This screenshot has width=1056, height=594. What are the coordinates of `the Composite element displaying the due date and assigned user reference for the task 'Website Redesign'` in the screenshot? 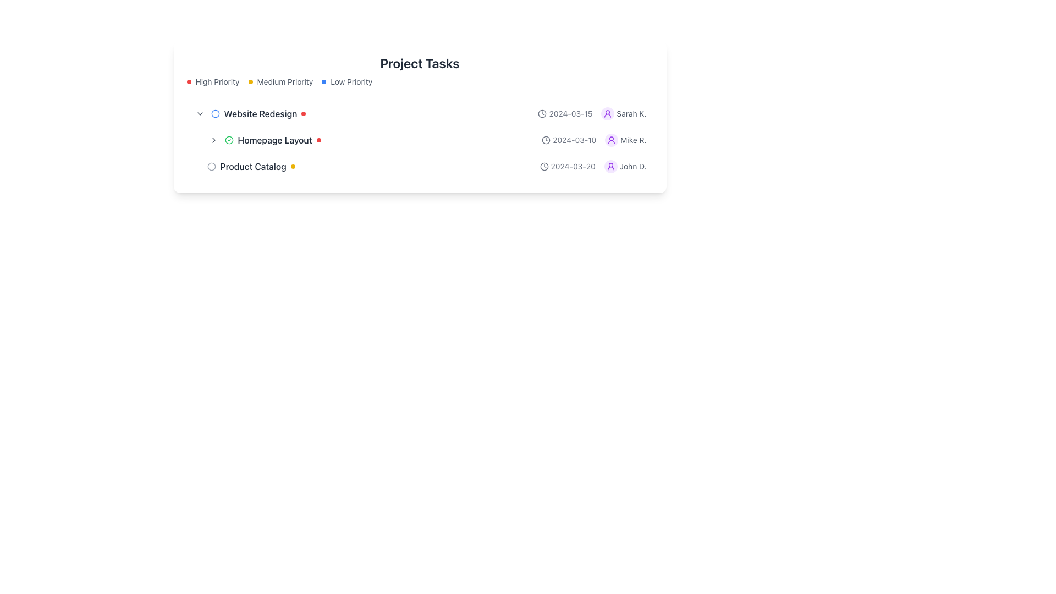 It's located at (591, 114).